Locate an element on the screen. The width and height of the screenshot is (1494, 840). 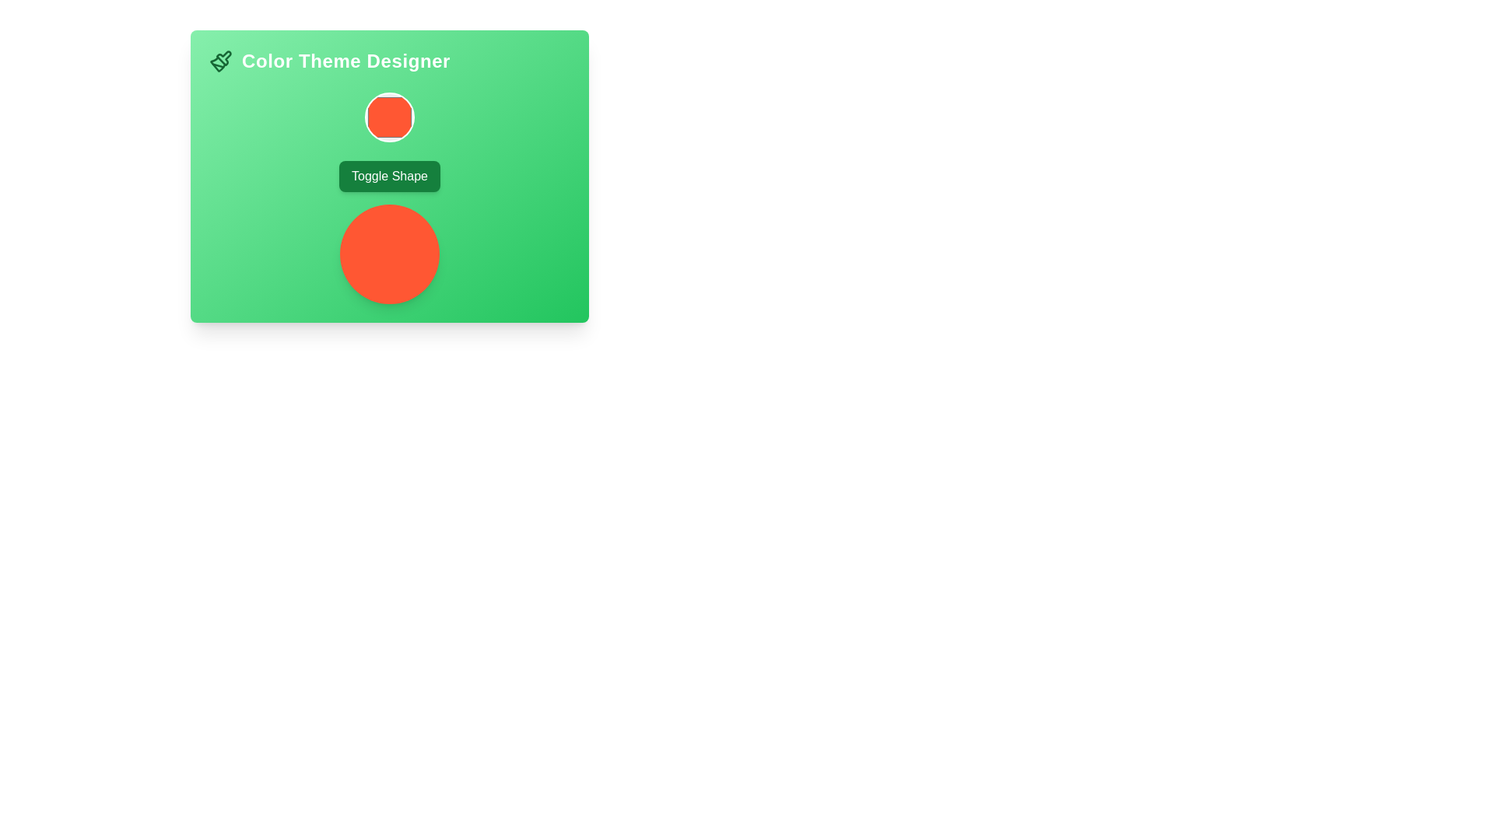
title 'Color Theme Designer' which is bold, white text on a green rectangular background, positioned centrally at the top of the display is located at coordinates (345, 60).